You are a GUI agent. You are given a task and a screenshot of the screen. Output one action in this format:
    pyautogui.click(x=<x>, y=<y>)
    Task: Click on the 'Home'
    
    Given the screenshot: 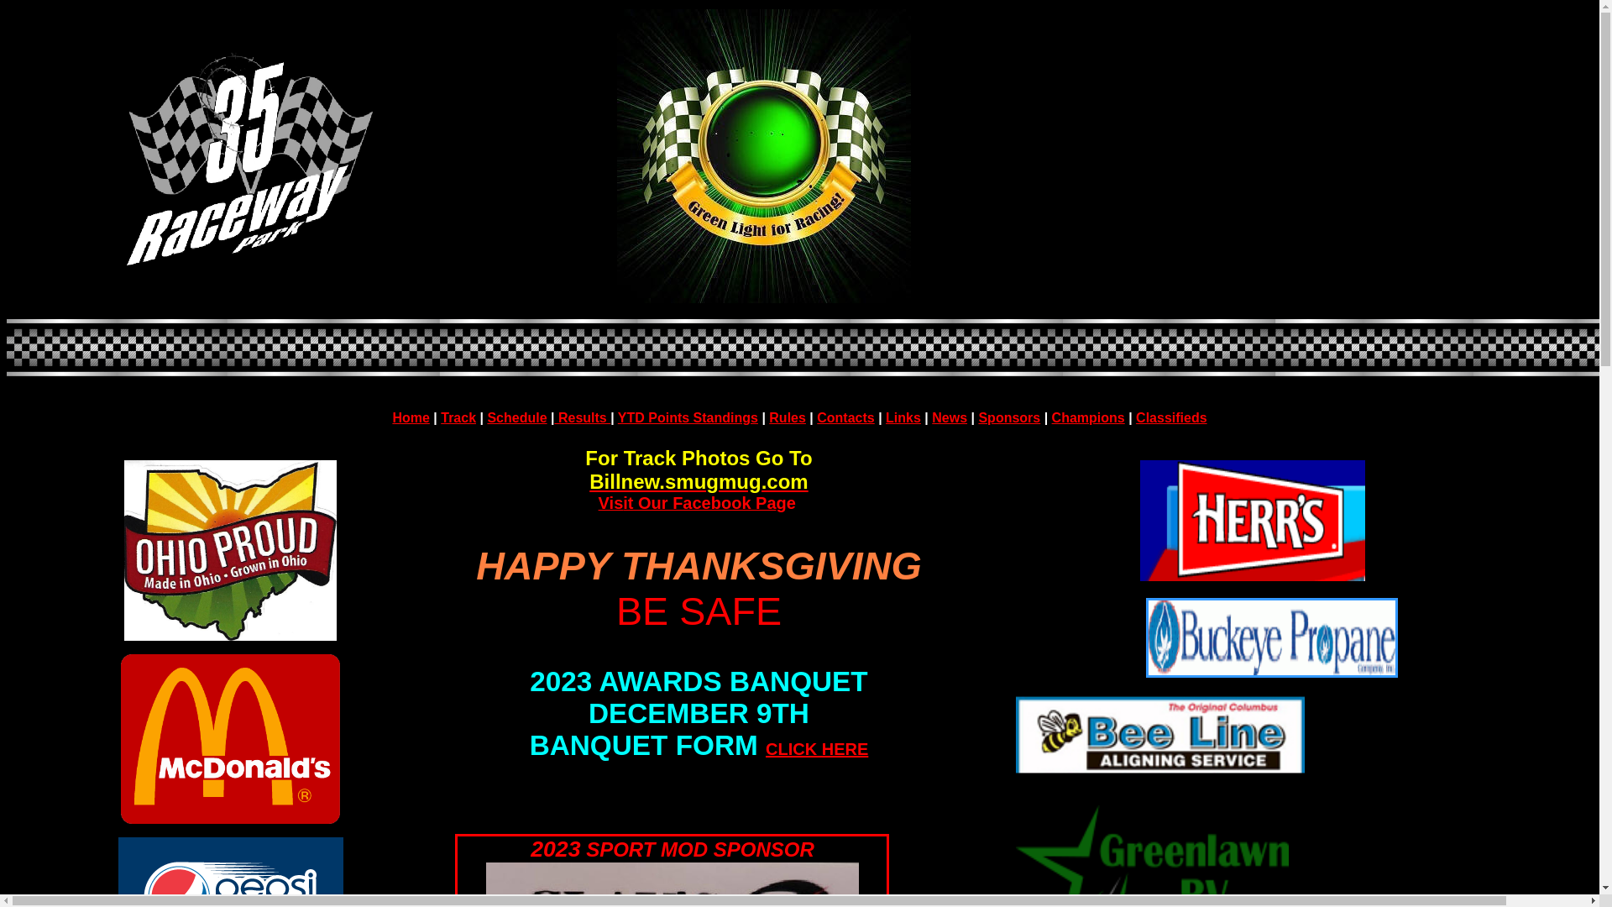 What is the action you would take?
    pyautogui.click(x=411, y=416)
    